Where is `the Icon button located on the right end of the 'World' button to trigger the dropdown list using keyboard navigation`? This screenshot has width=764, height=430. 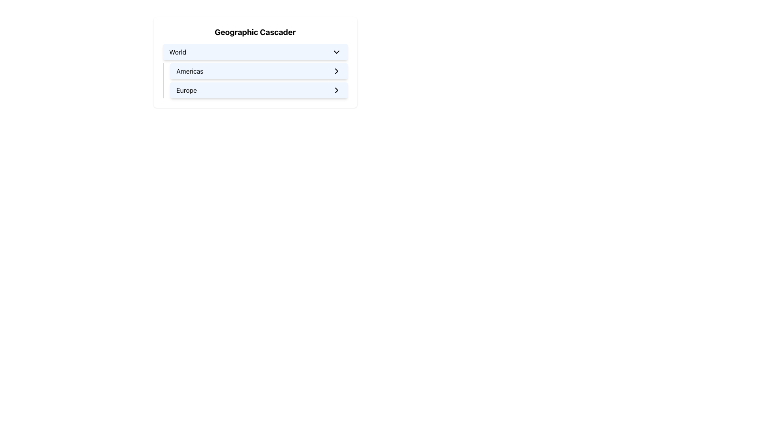
the Icon button located on the right end of the 'World' button to trigger the dropdown list using keyboard navigation is located at coordinates (336, 52).